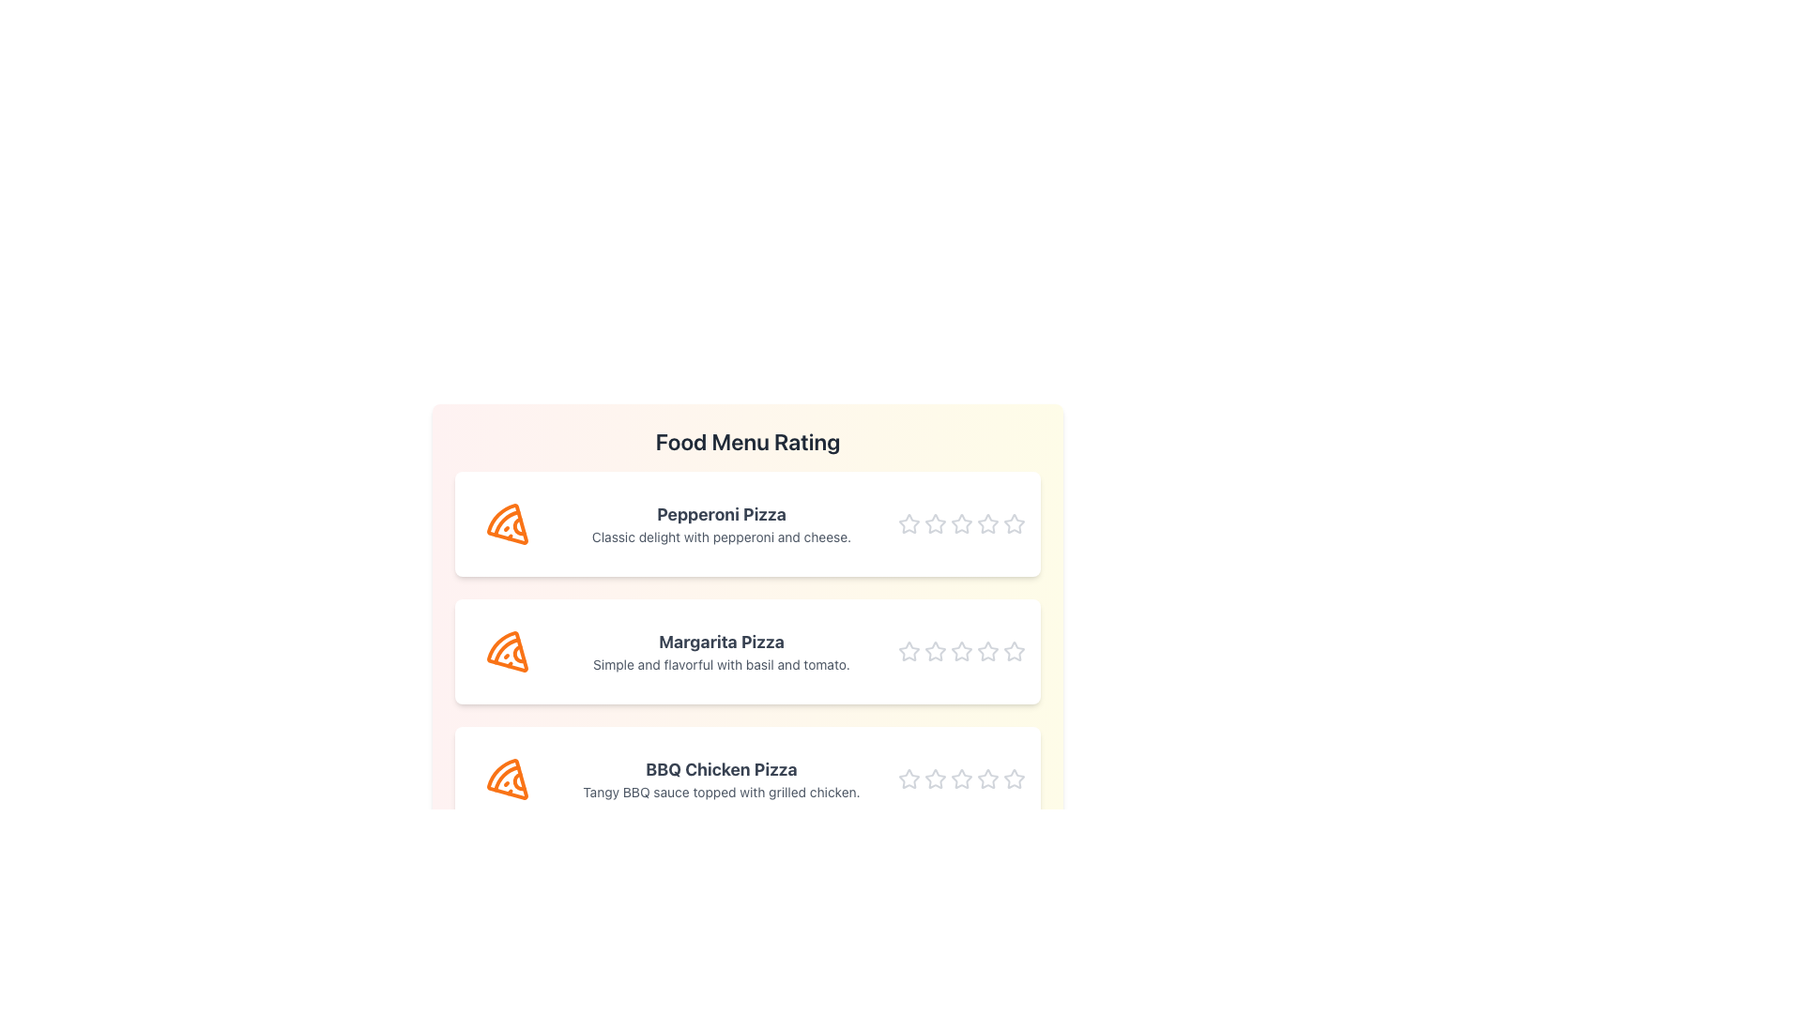  Describe the element at coordinates (962, 523) in the screenshot. I see `the second star in the star rating icon for 'Pepperoni Pizza'` at that location.